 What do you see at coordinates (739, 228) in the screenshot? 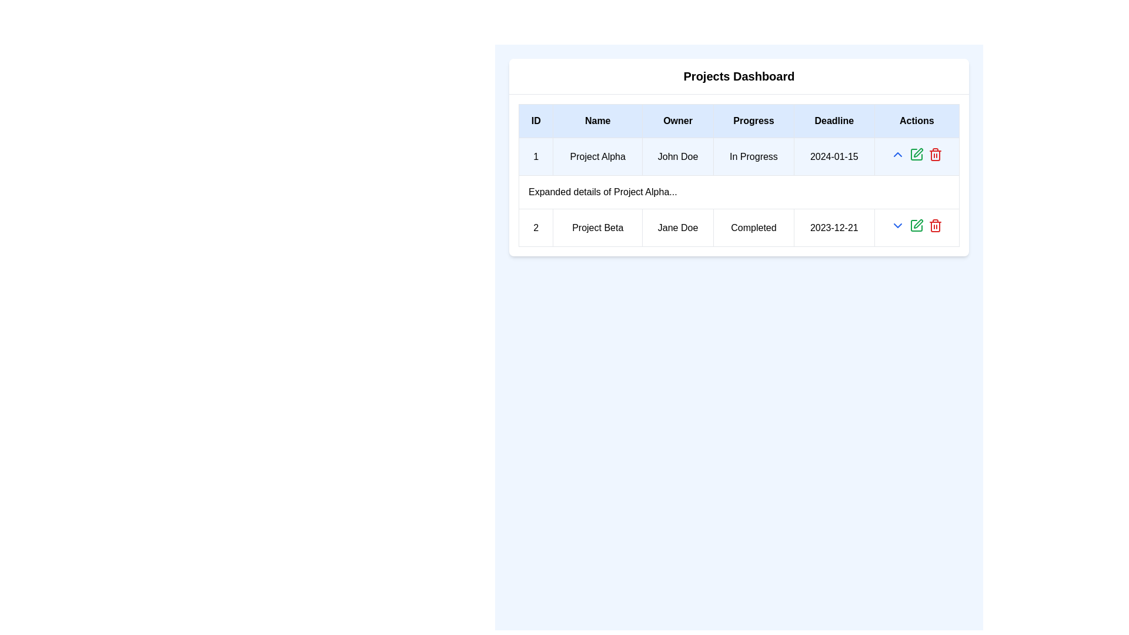
I see `the second row of the Projects Dashboard table` at bounding box center [739, 228].